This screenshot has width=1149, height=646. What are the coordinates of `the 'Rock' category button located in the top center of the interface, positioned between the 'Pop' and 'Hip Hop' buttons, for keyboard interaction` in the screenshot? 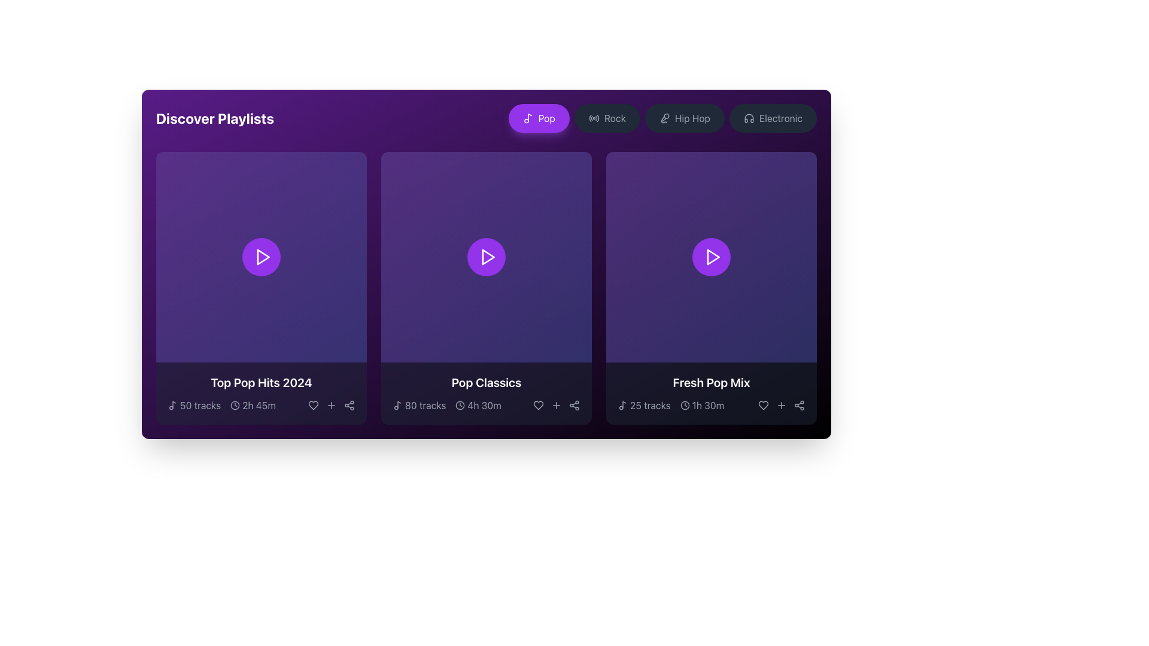 It's located at (615, 118).